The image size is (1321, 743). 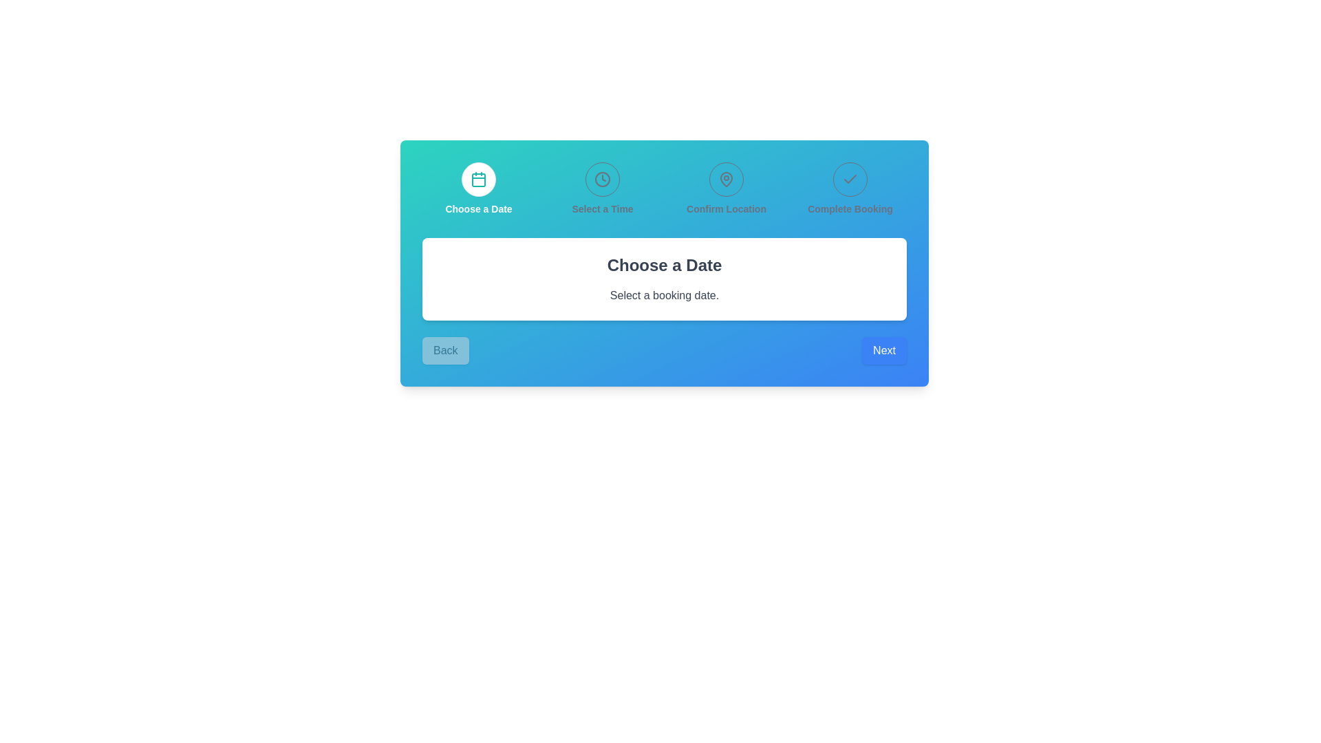 I want to click on the 'Previous' button located in the lower-left corner of the blue card, so click(x=445, y=349).